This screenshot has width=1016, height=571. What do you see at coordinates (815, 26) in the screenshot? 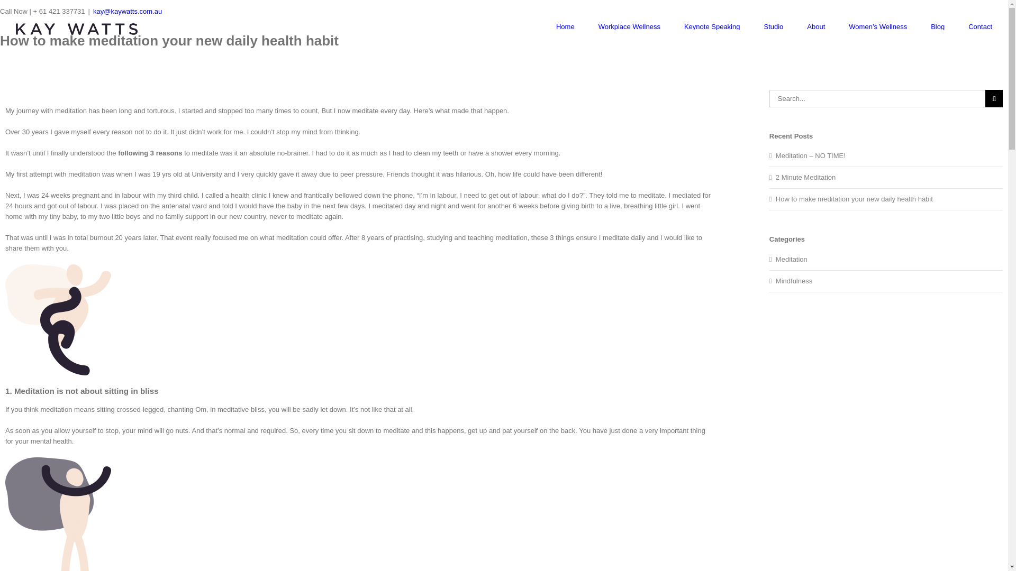
I see `'About'` at bounding box center [815, 26].